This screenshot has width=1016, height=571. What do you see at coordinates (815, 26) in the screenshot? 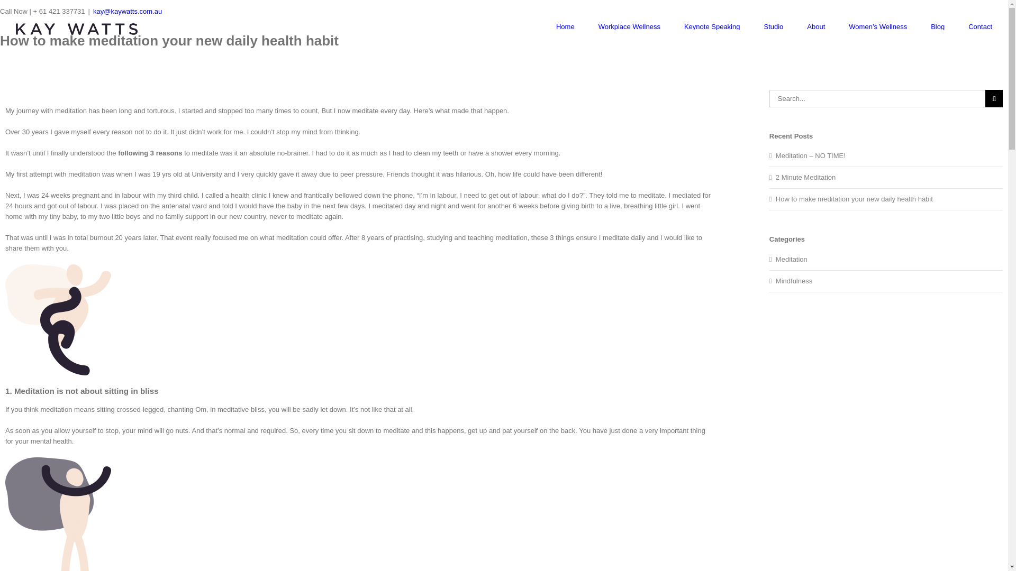
I see `'About'` at bounding box center [815, 26].